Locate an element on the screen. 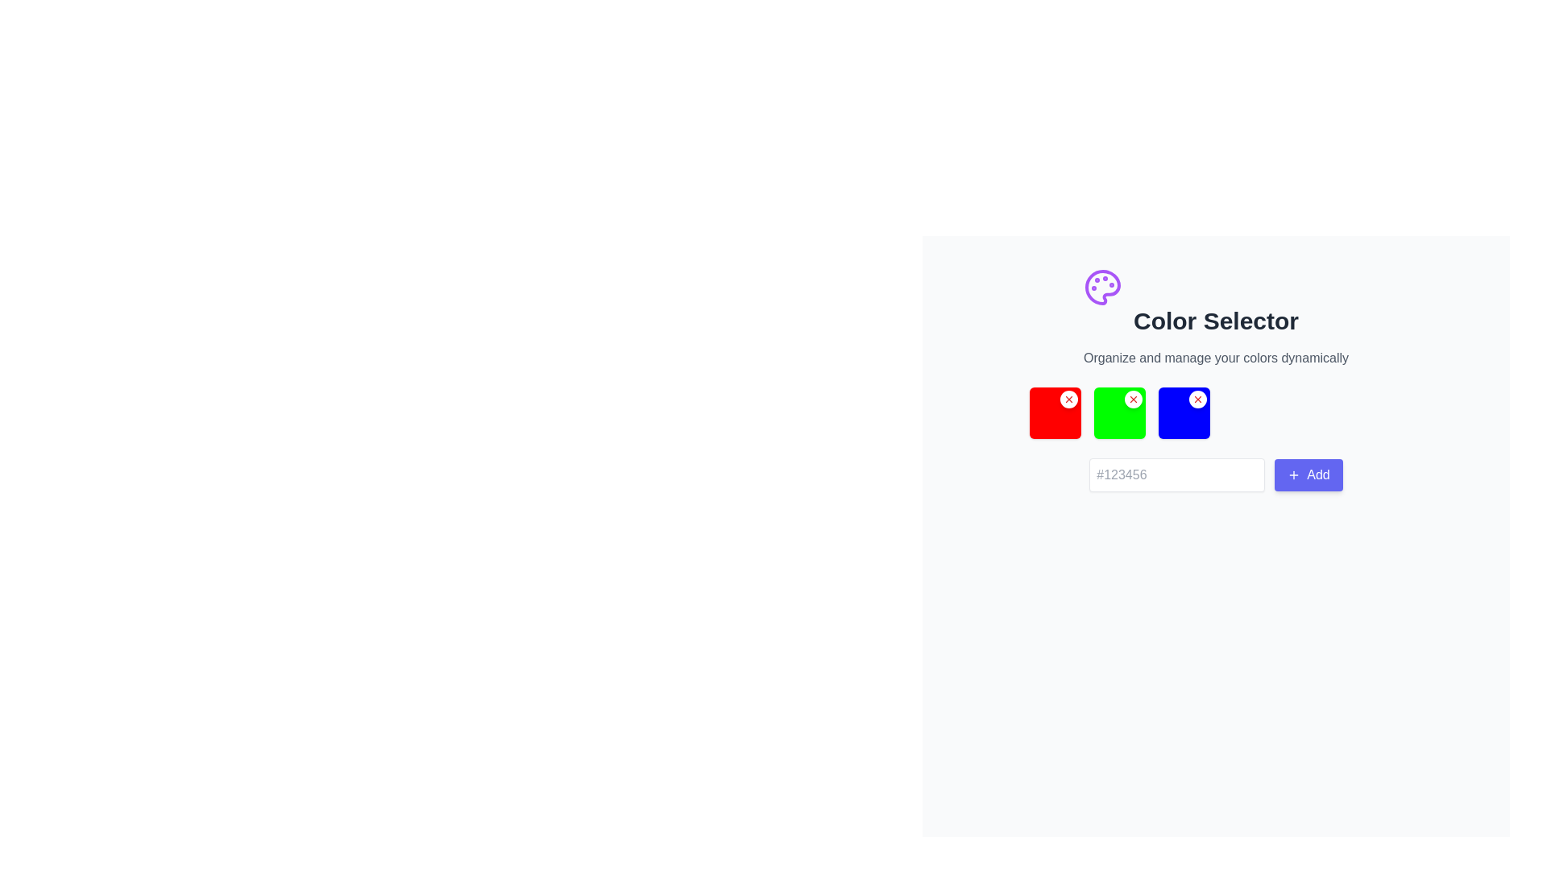 This screenshot has height=870, width=1547. the close button for the green color tile located in the top-right corner of its tile is located at coordinates (1132, 399).